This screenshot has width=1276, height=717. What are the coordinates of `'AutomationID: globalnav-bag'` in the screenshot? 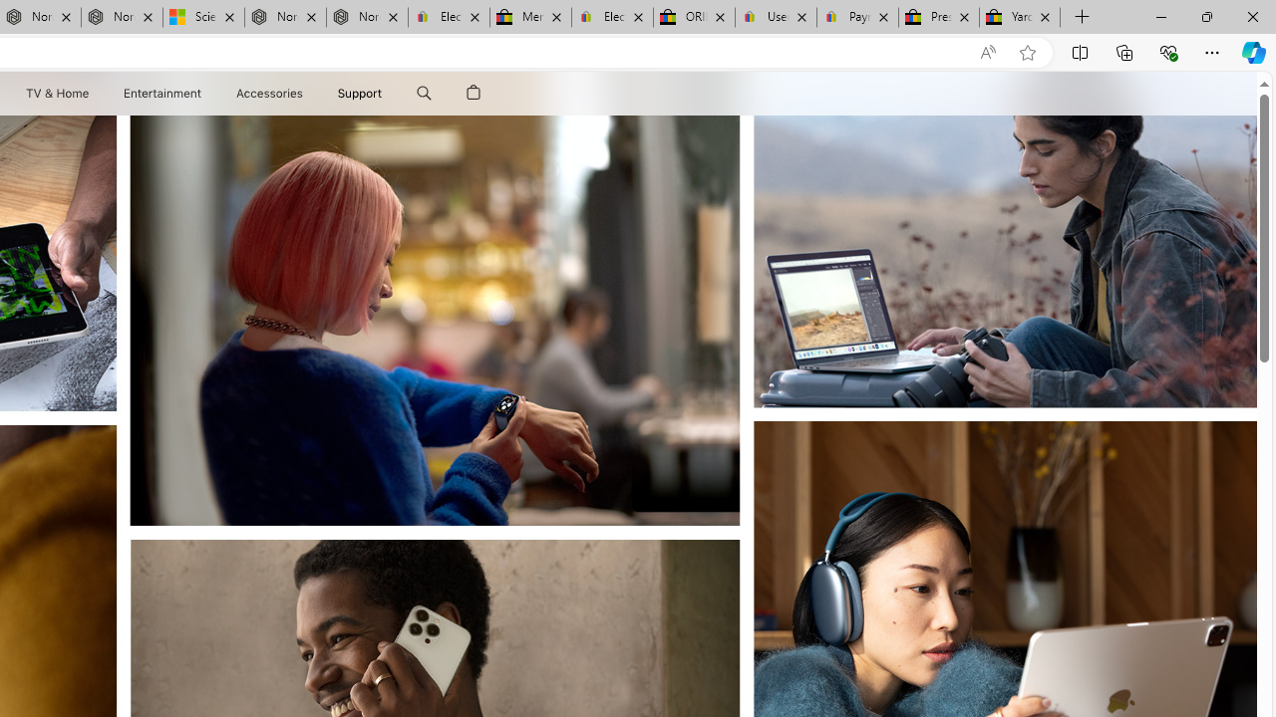 It's located at (473, 93).